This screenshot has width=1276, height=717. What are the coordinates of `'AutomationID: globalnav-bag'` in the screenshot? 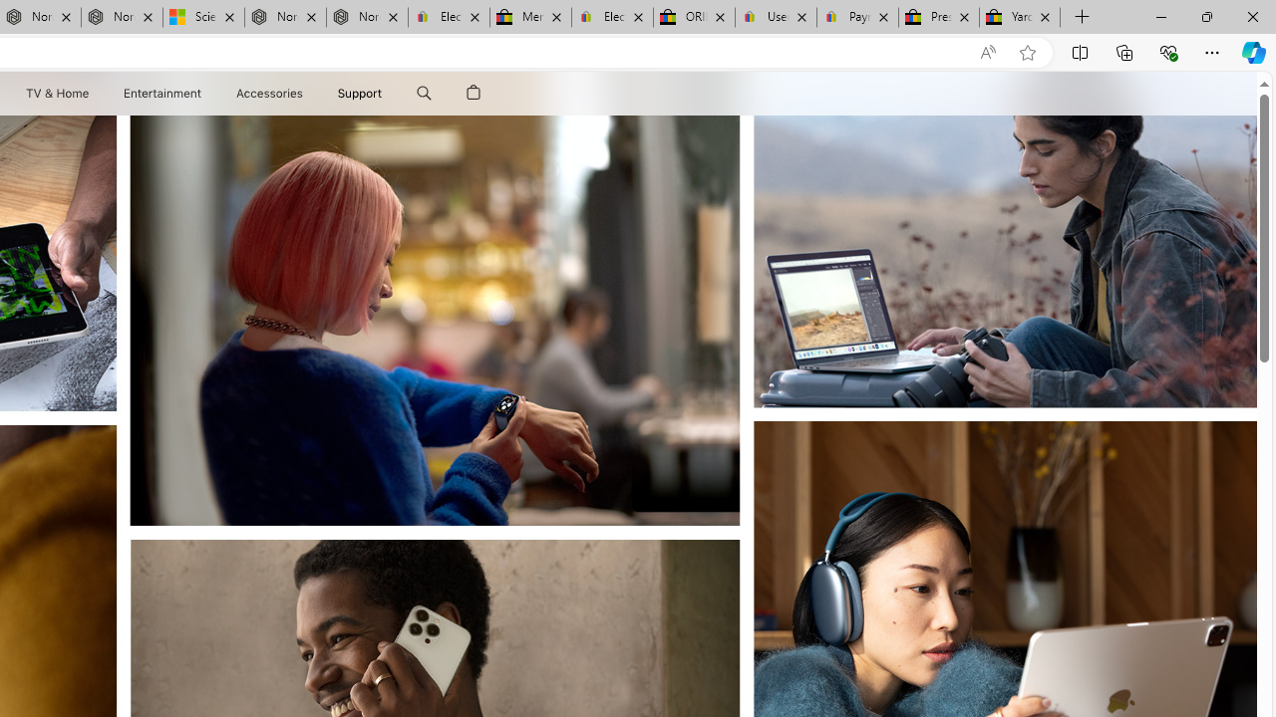 It's located at (473, 93).